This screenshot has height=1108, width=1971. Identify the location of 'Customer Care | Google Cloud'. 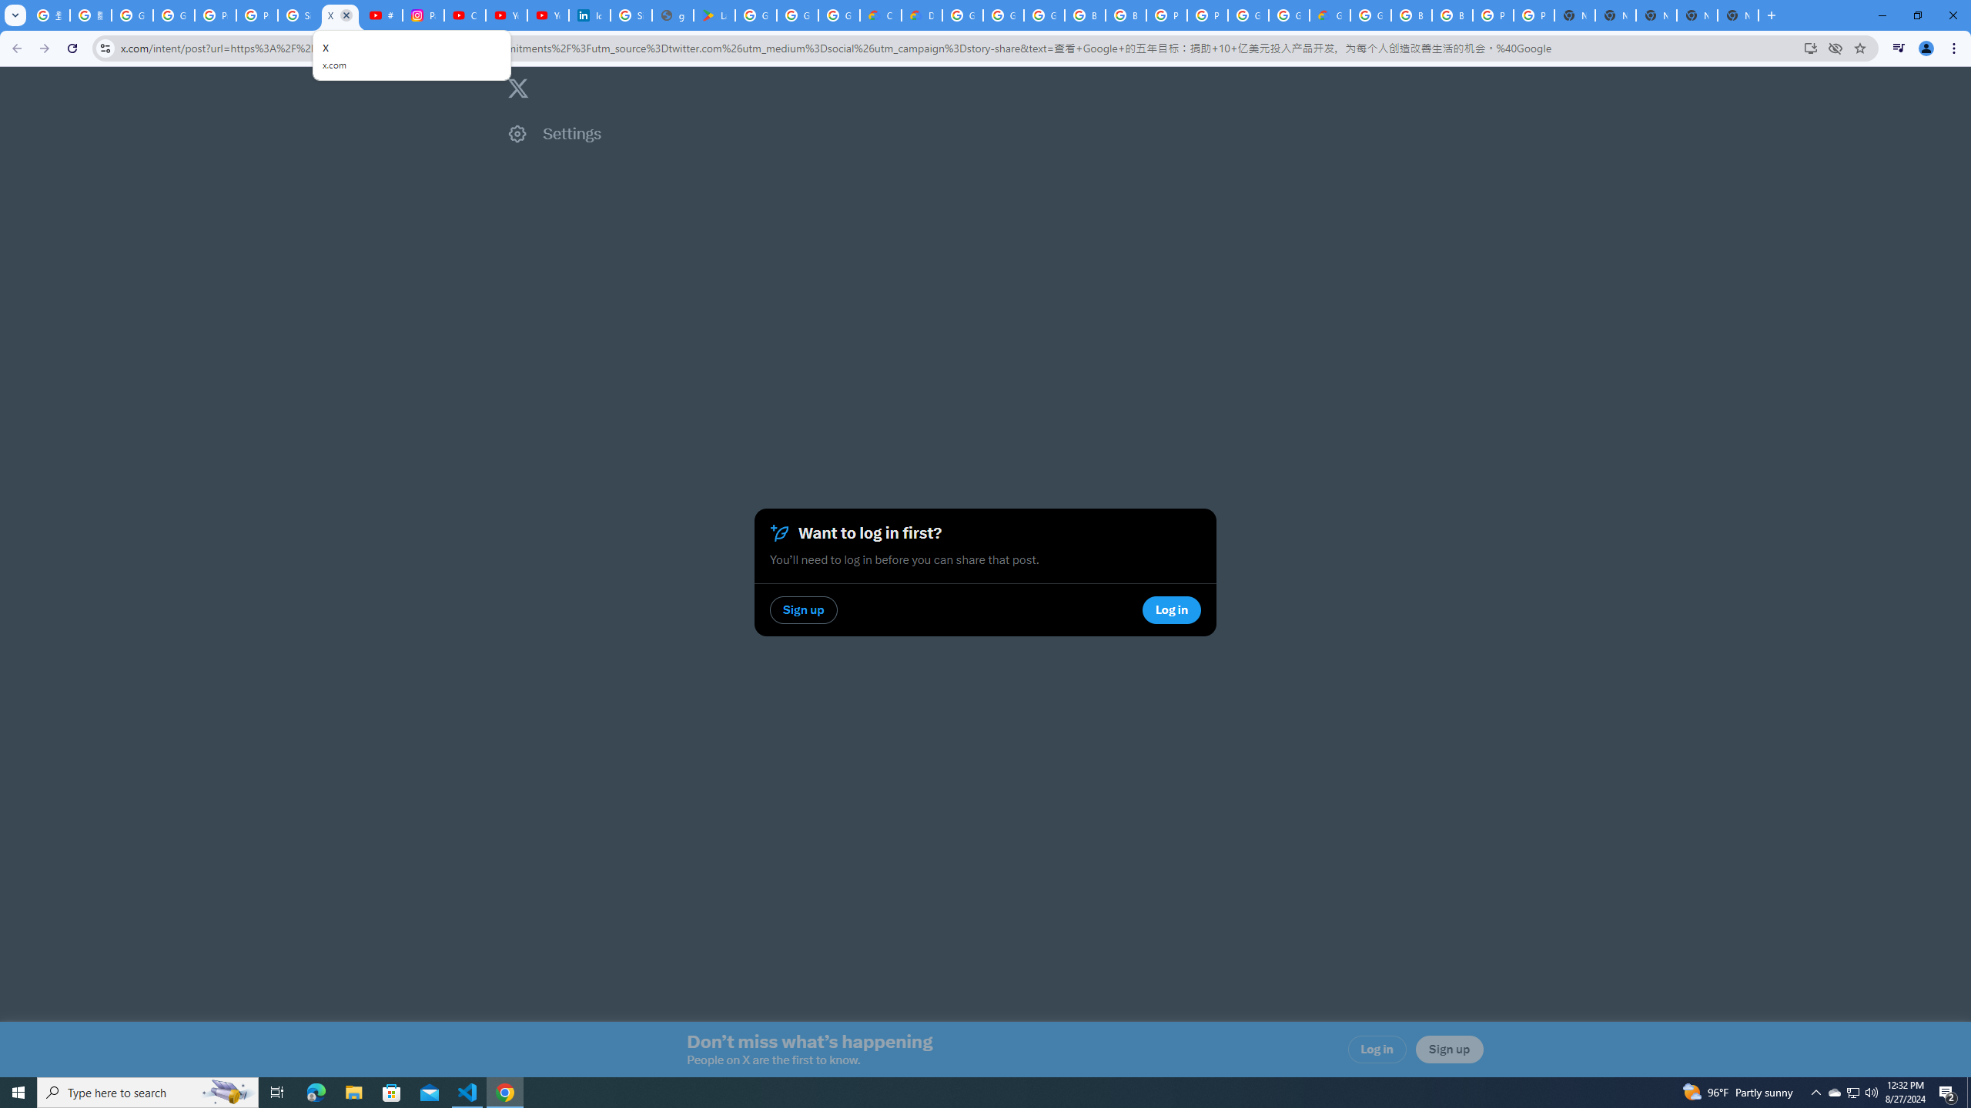
(881, 15).